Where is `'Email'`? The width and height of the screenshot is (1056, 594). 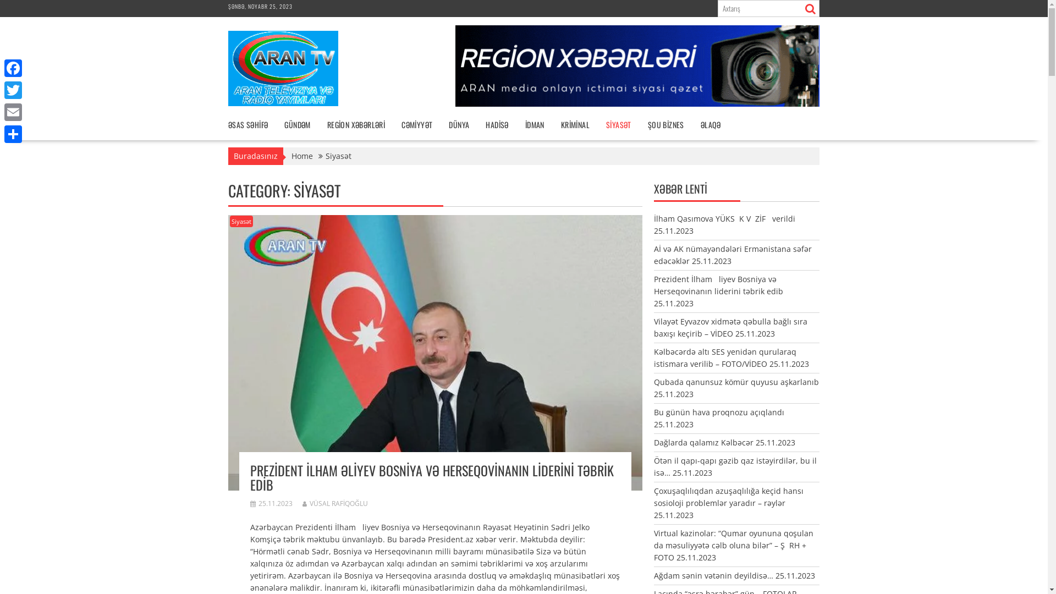 'Email' is located at coordinates (13, 112).